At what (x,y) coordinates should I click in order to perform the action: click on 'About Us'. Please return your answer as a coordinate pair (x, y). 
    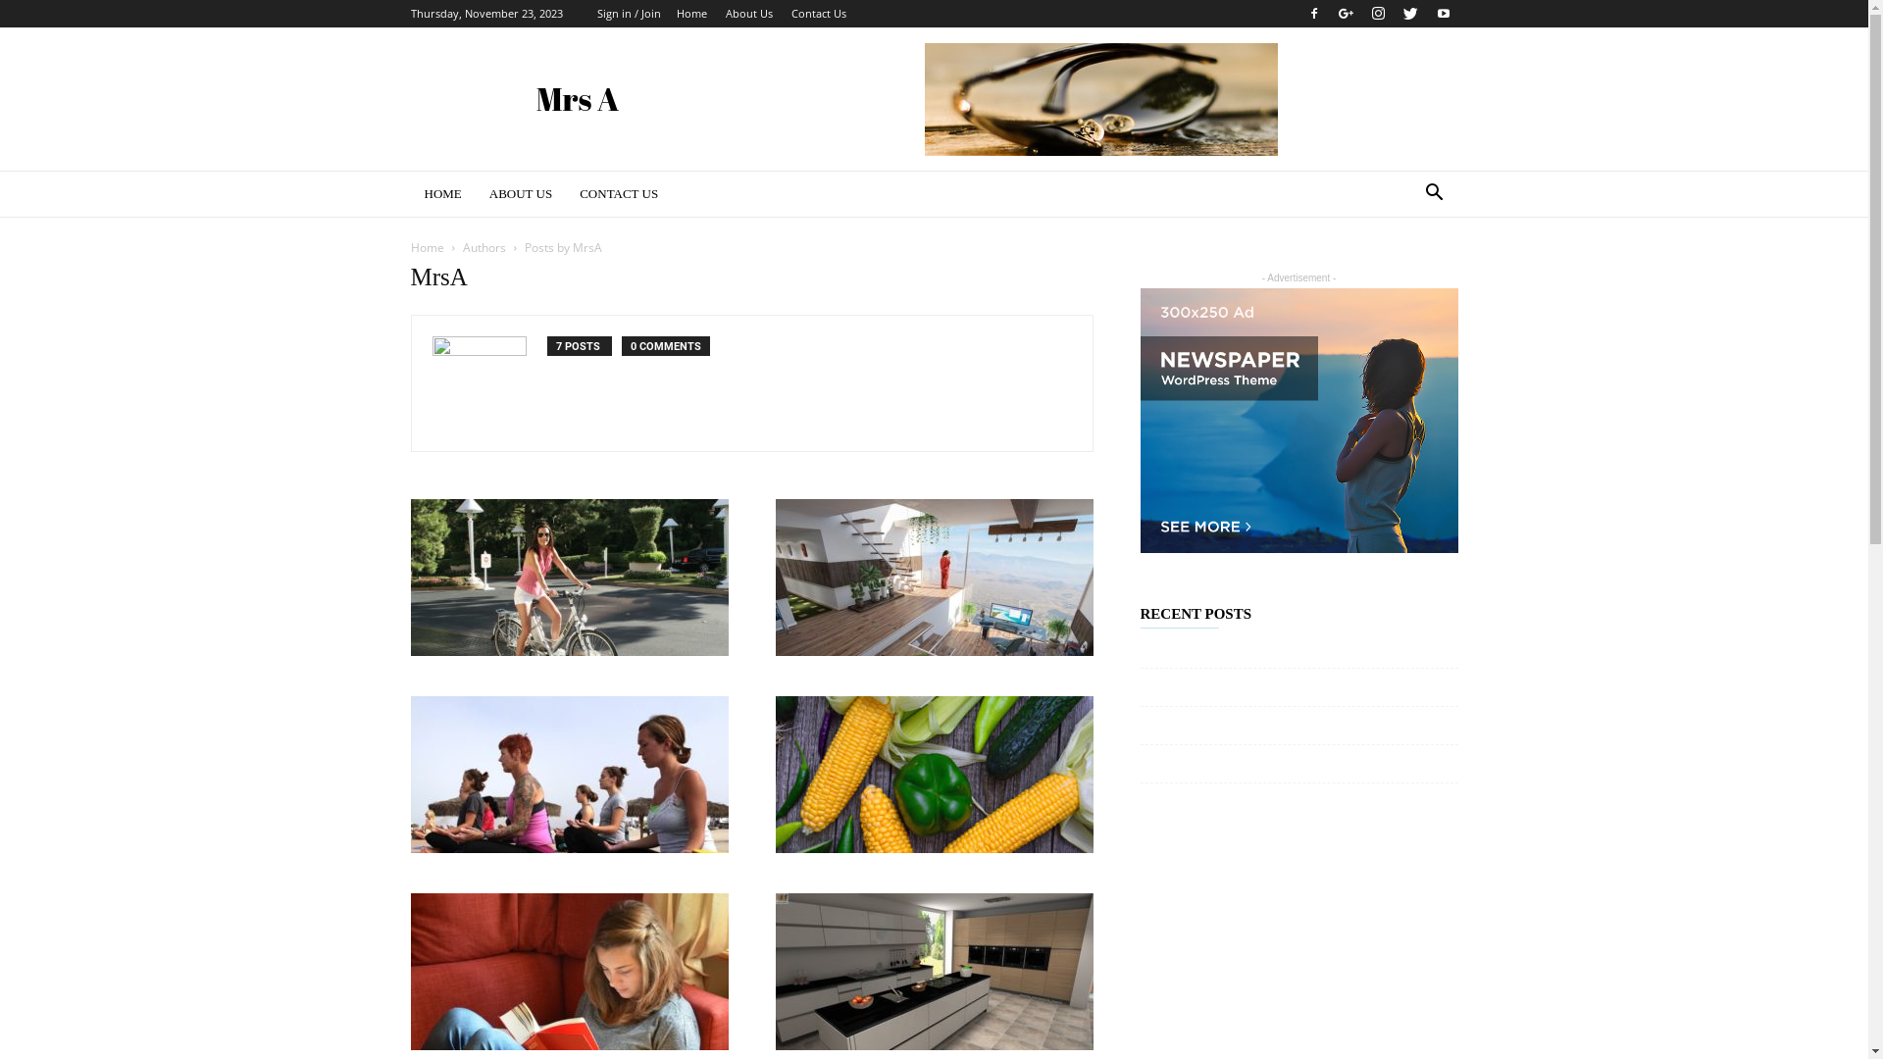
    Looking at the image, I should click on (724, 13).